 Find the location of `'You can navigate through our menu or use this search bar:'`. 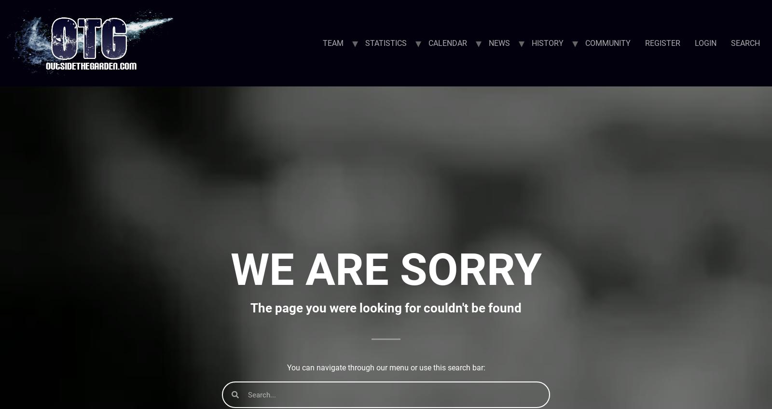

'You can navigate through our menu or use this search bar:' is located at coordinates (386, 367).